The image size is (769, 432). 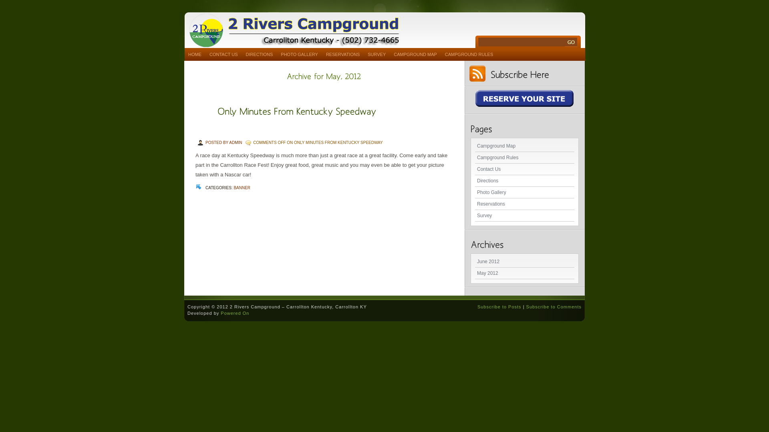 What do you see at coordinates (296, 110) in the screenshot?
I see `'Permanent Link to Only Minutes From Kentucky Speedway'` at bounding box center [296, 110].